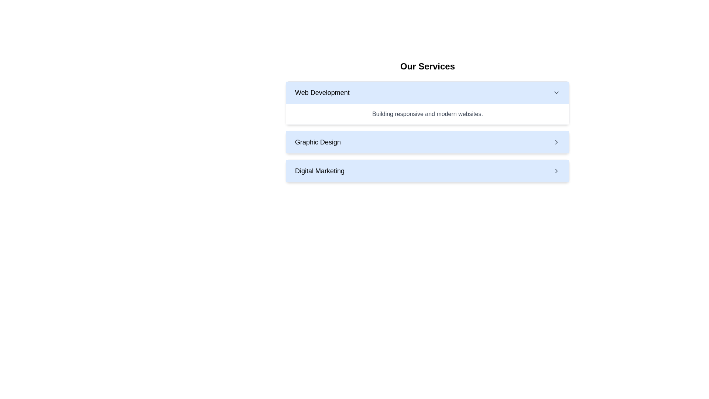 Image resolution: width=709 pixels, height=399 pixels. I want to click on the right-facing chevron icon/button located to the far right of the 'Graphic Design' row, so click(556, 142).